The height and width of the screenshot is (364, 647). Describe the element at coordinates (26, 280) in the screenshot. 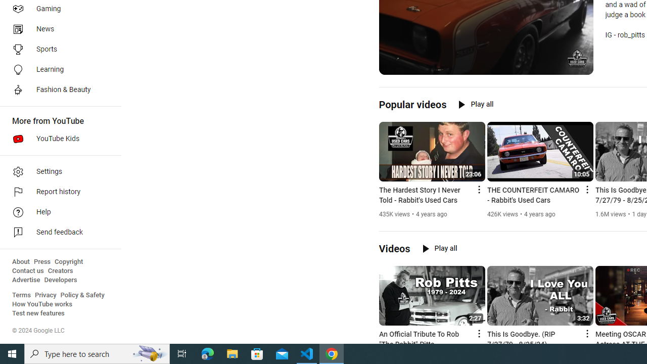

I see `'Advertise'` at that location.